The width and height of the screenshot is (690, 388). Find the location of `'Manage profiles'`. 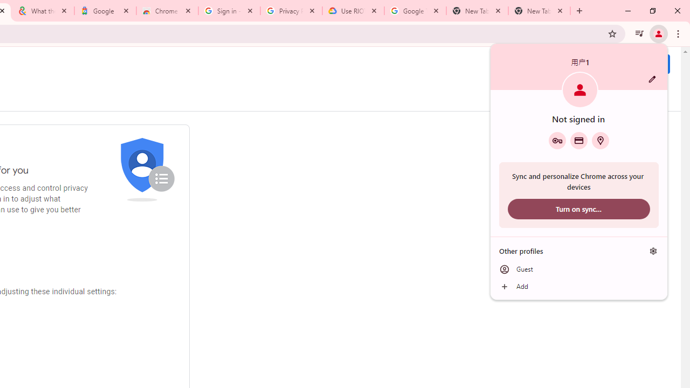

'Manage profiles' is located at coordinates (653, 251).